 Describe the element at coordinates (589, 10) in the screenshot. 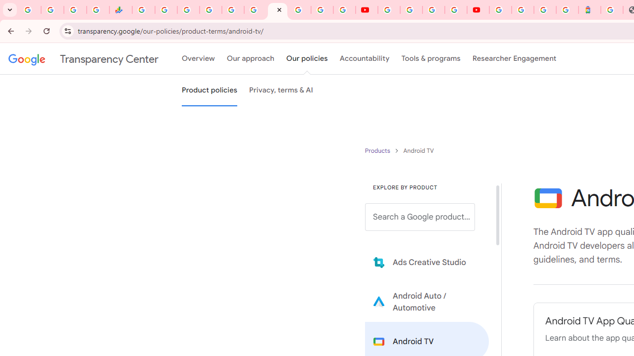

I see `'Atour Hotel - Google hotels'` at that location.